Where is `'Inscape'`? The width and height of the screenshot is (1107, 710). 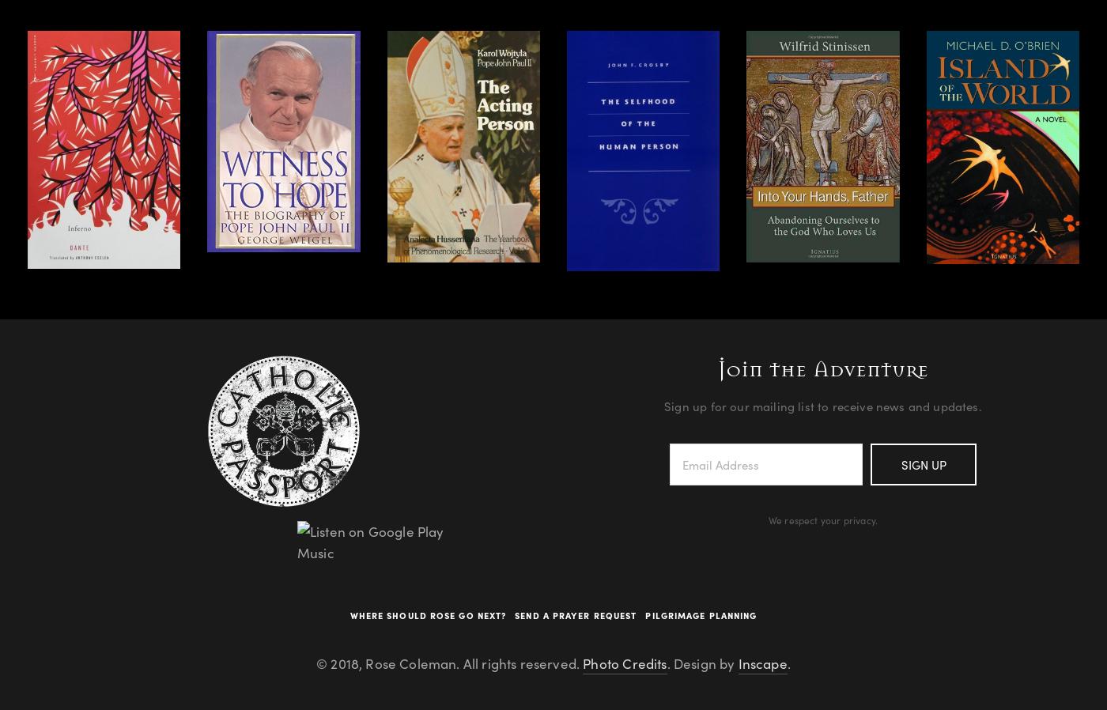 'Inscape' is located at coordinates (762, 663).